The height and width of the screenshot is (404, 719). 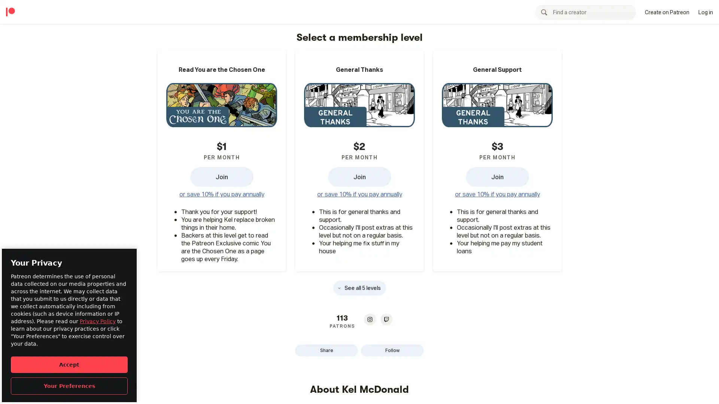 I want to click on General Support Join, so click(x=497, y=176).